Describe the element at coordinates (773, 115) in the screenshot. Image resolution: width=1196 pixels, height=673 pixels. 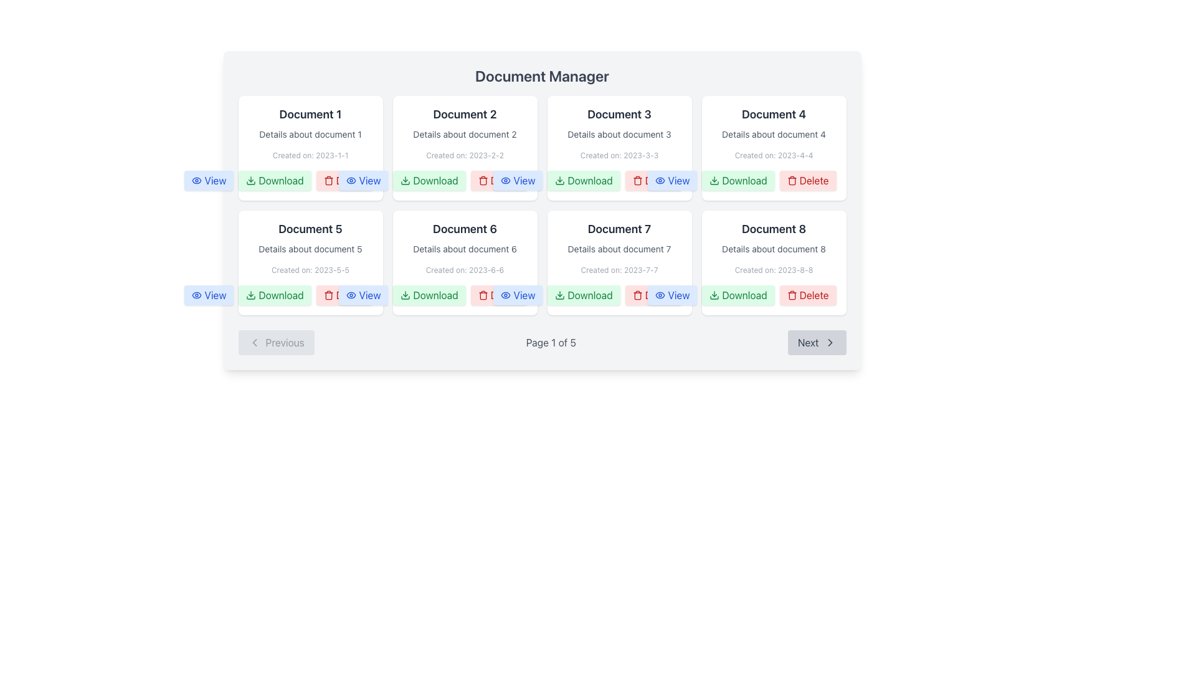
I see `the text label displaying 'Document 4', which is the header of the top-right card in the document manager interface` at that location.